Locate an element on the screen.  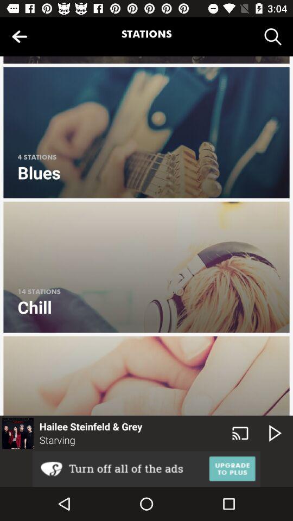
the play icon is located at coordinates (275, 433).